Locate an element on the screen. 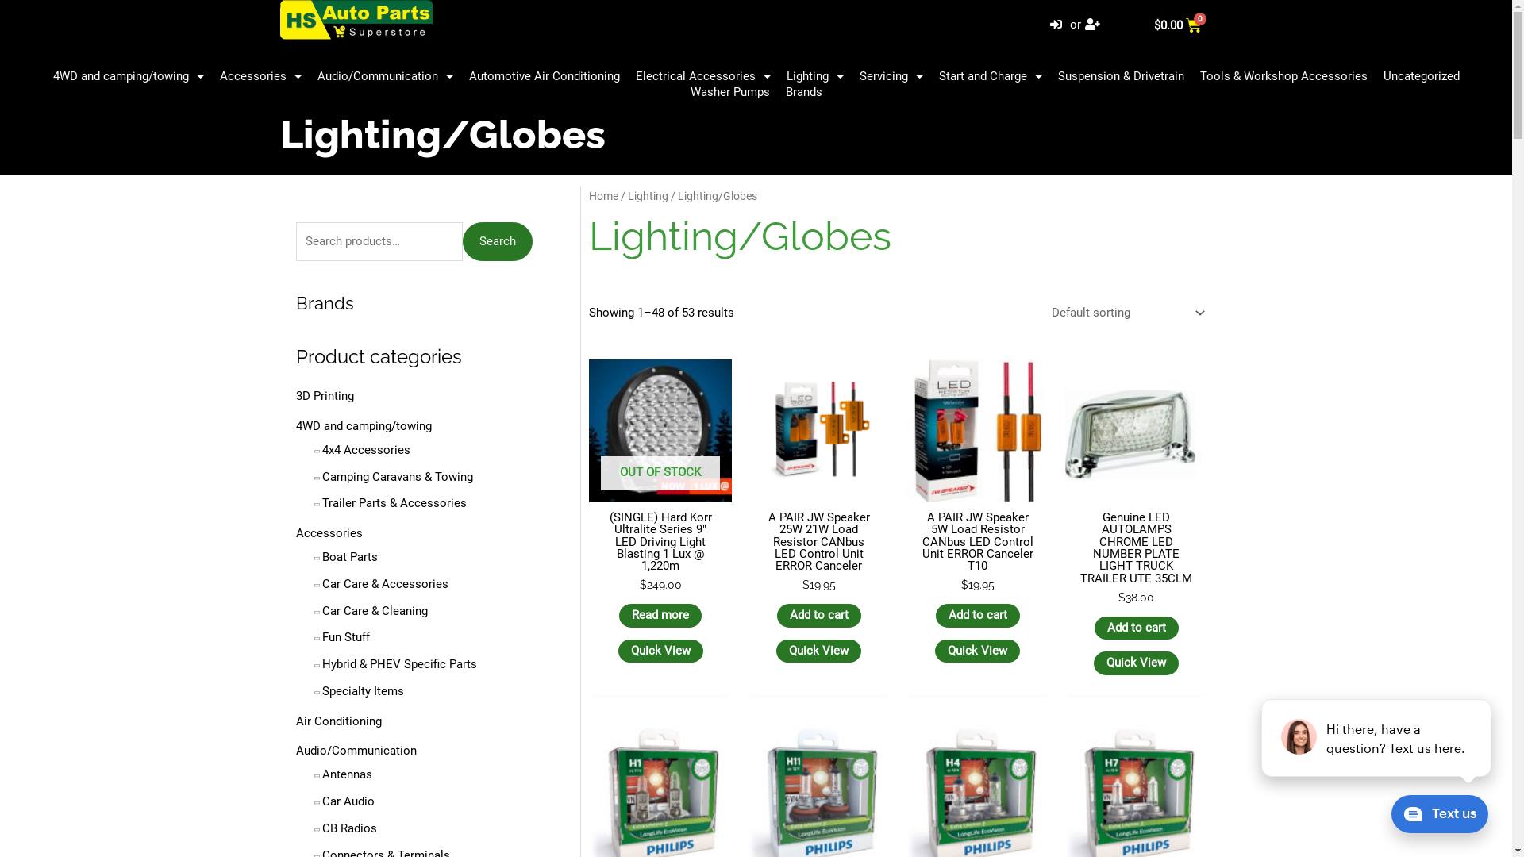 This screenshot has width=1524, height=857. 'Antennas' is located at coordinates (321, 773).